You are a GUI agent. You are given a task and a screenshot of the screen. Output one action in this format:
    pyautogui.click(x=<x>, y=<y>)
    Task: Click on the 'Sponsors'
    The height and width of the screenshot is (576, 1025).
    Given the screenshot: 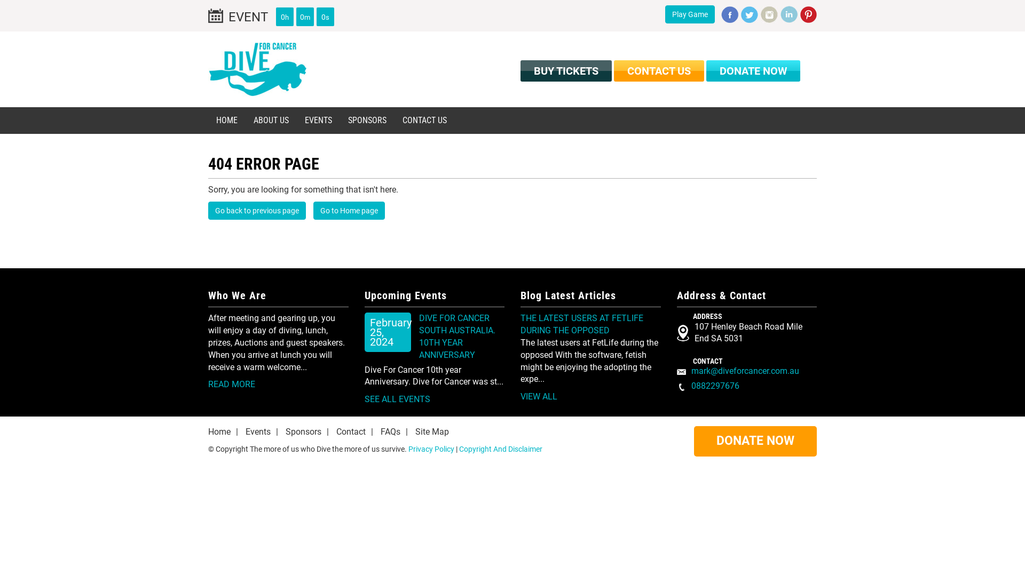 What is the action you would take?
    pyautogui.click(x=303, y=432)
    